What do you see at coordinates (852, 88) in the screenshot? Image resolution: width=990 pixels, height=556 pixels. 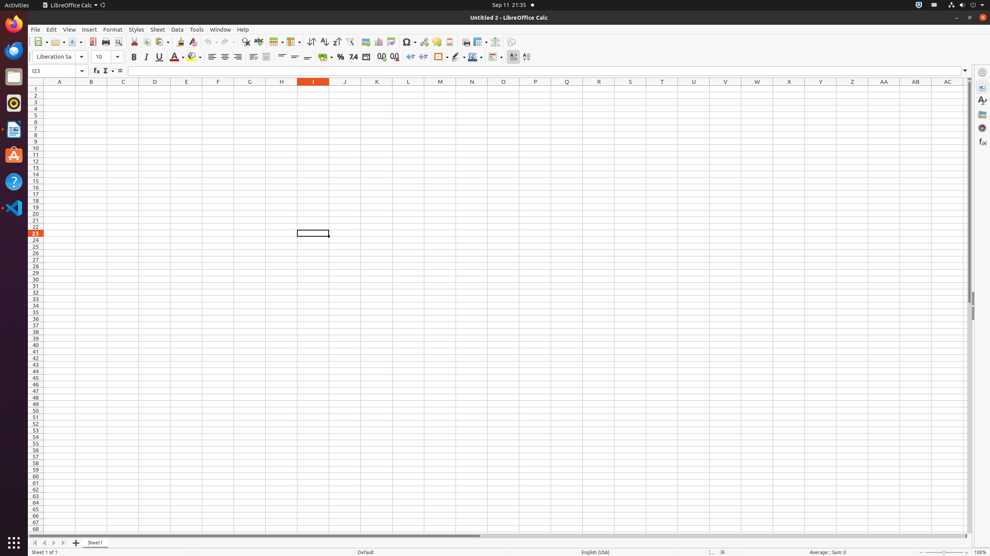 I see `'Z1'` at bounding box center [852, 88].